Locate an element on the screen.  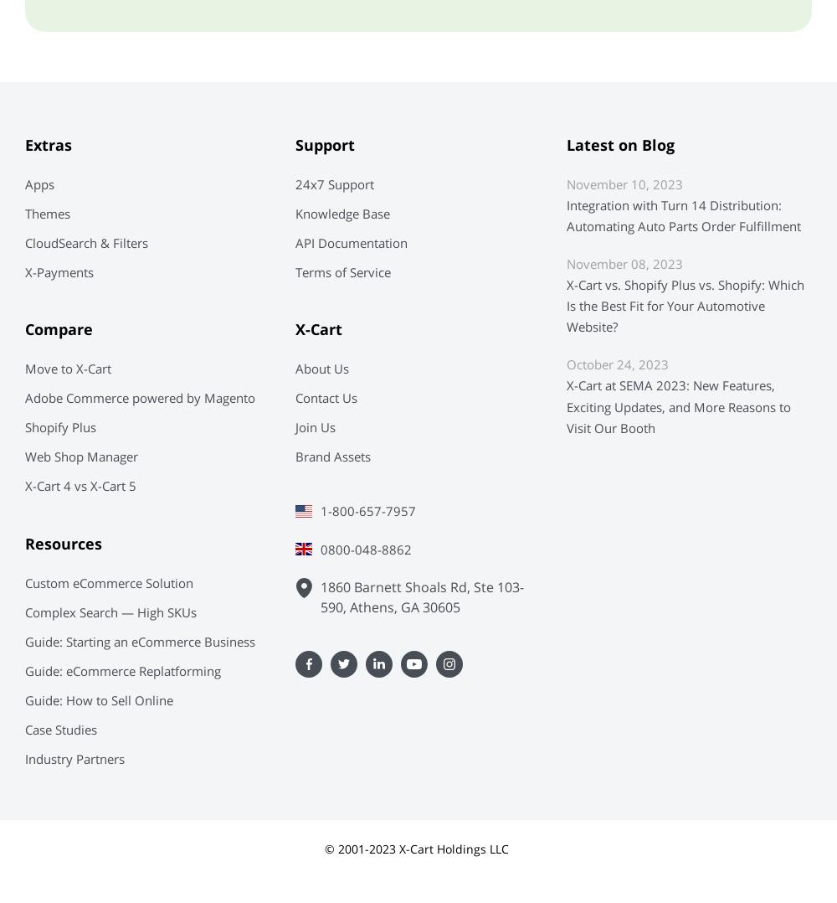
'Guide: How to Sell Online' is located at coordinates (98, 699).